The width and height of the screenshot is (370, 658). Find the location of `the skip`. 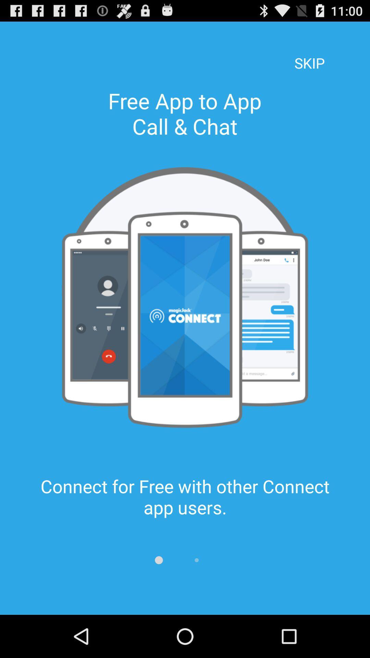

the skip is located at coordinates (309, 53).